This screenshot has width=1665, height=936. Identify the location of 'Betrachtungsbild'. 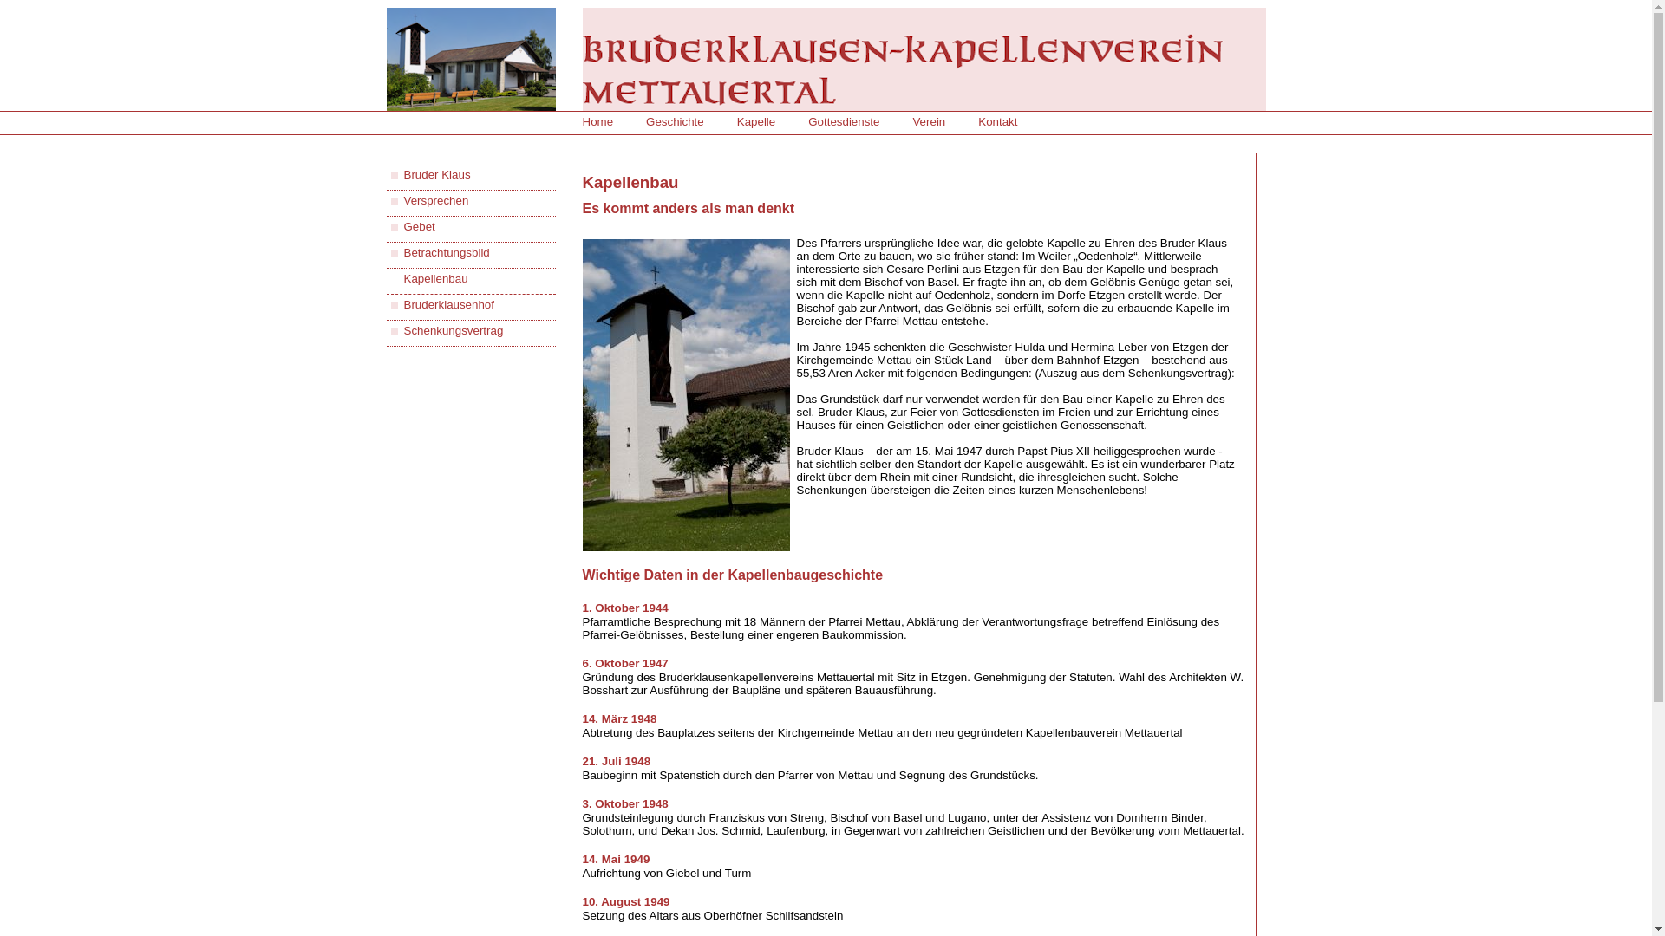
(447, 252).